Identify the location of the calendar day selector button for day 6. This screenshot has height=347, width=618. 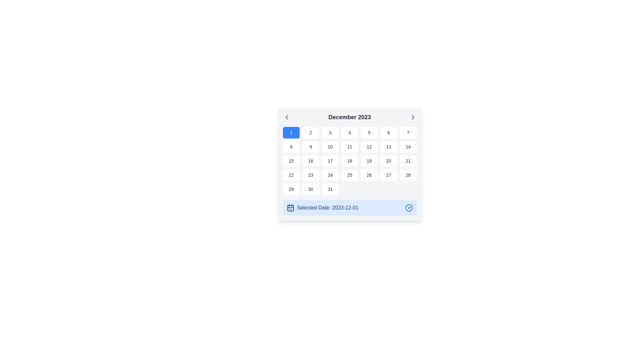
(388, 132).